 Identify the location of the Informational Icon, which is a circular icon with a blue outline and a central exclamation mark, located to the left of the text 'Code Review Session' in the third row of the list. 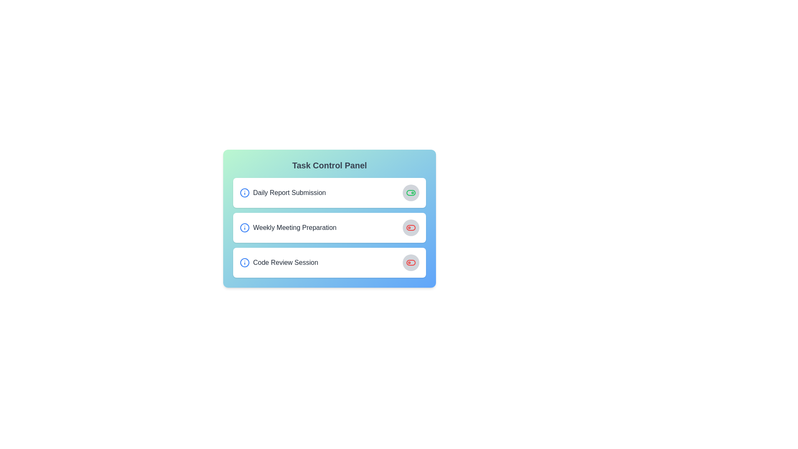
(244, 263).